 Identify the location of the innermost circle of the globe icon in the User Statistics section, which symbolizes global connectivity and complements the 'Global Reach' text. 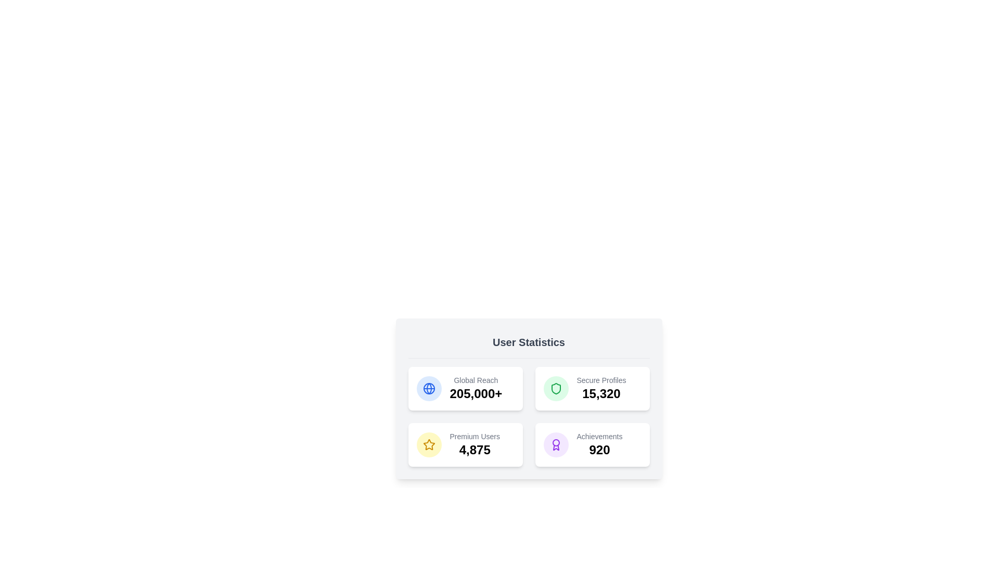
(429, 389).